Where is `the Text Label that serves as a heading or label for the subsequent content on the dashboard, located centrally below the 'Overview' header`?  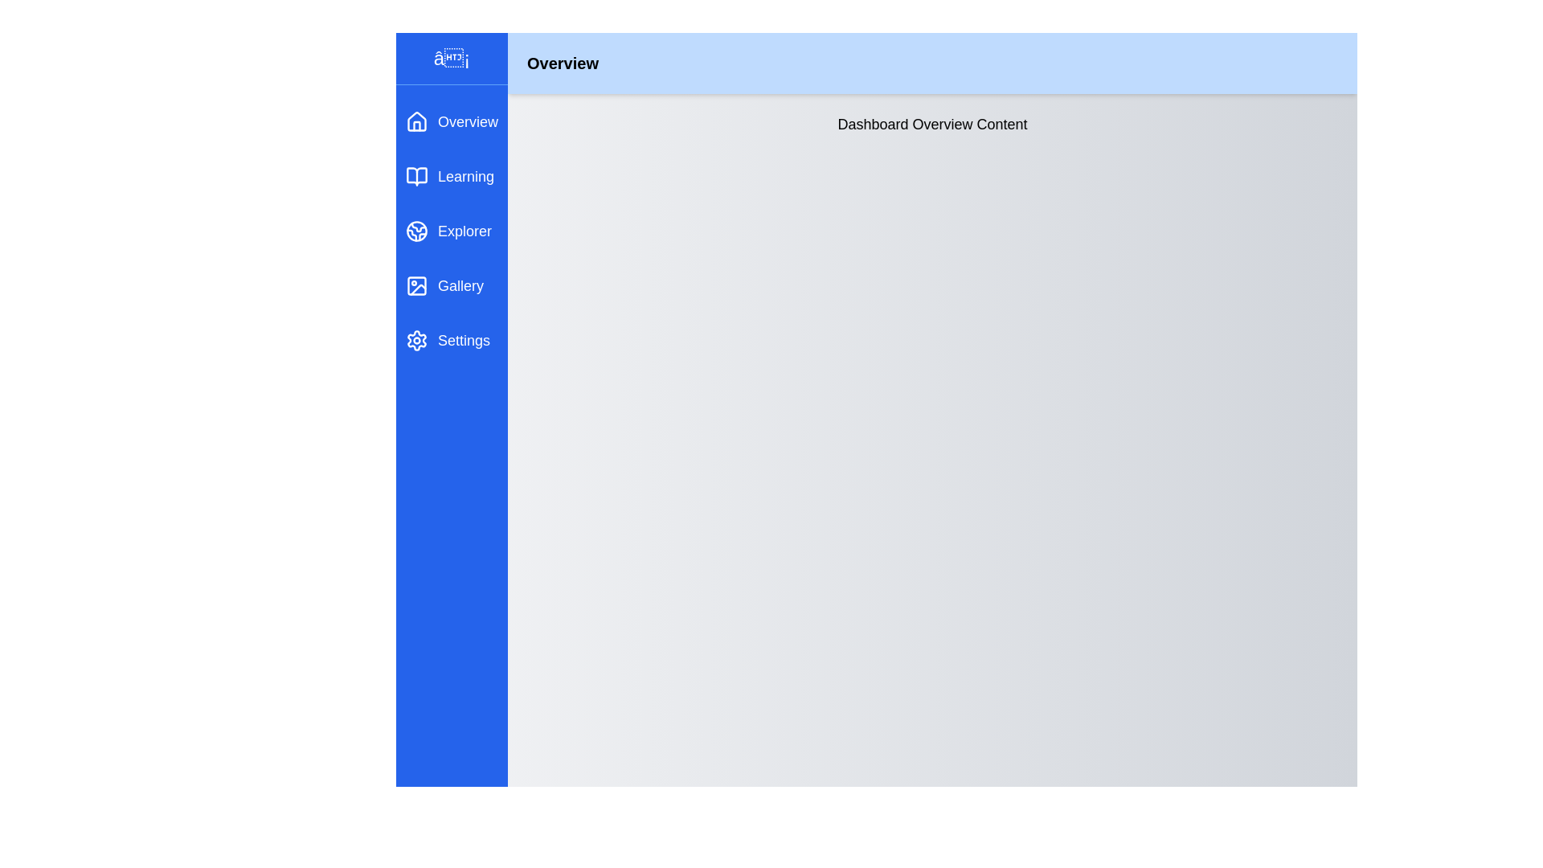
the Text Label that serves as a heading or label for the subsequent content on the dashboard, located centrally below the 'Overview' header is located at coordinates (932, 123).